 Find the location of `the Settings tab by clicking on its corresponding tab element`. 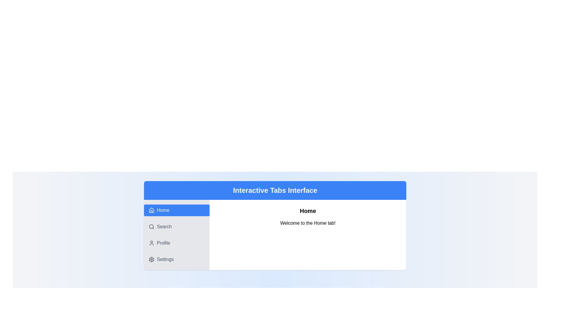

the Settings tab by clicking on its corresponding tab element is located at coordinates (177, 259).